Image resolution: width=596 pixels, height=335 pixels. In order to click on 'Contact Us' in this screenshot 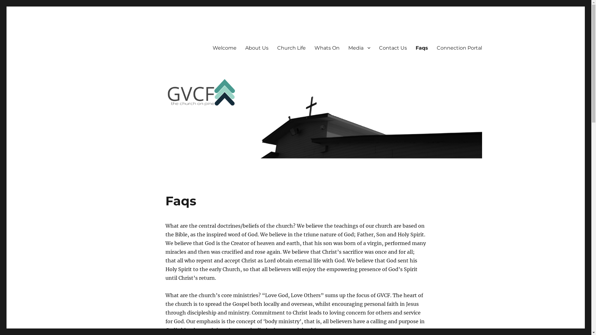, I will do `click(374, 47)`.